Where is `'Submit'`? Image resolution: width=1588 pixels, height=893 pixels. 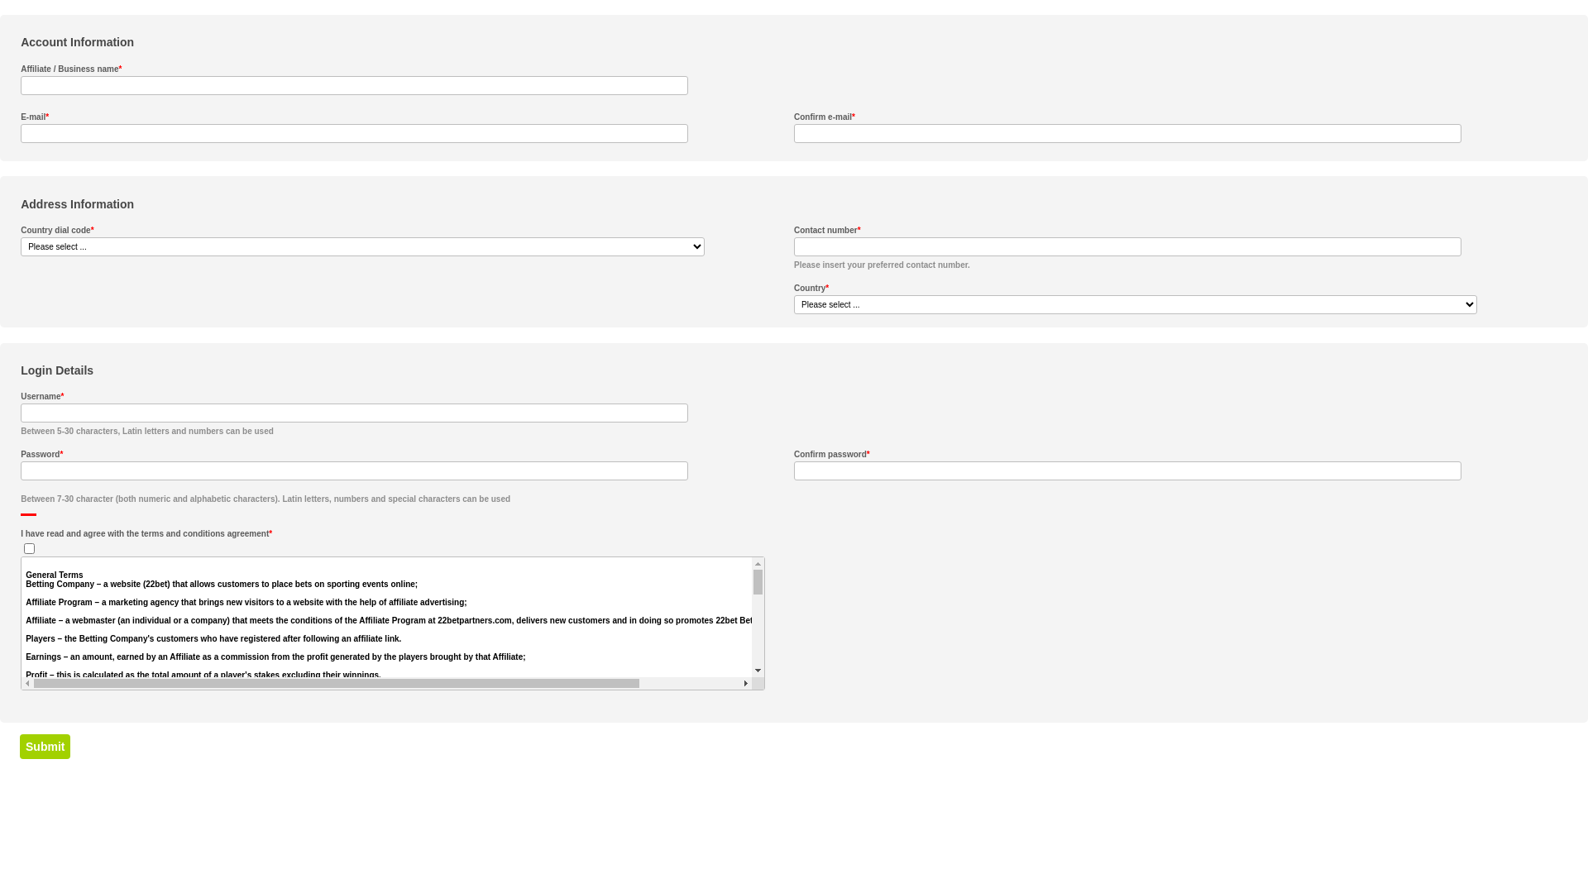
'Submit' is located at coordinates (45, 746).